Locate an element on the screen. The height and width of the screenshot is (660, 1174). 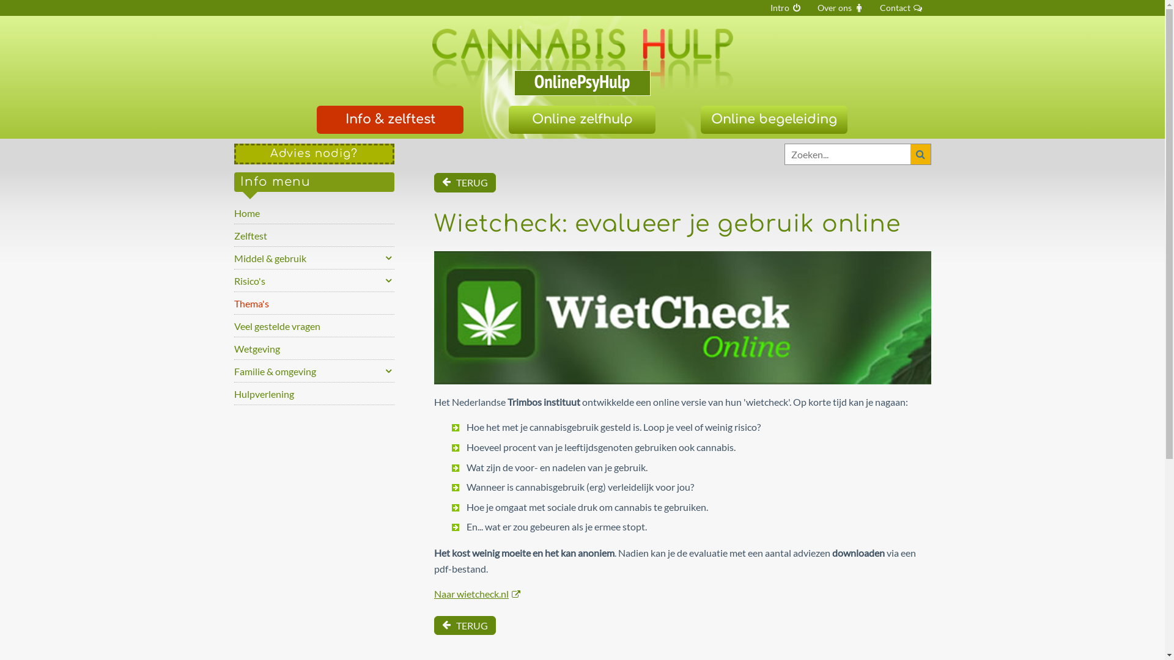
'TERUG' is located at coordinates (434, 183).